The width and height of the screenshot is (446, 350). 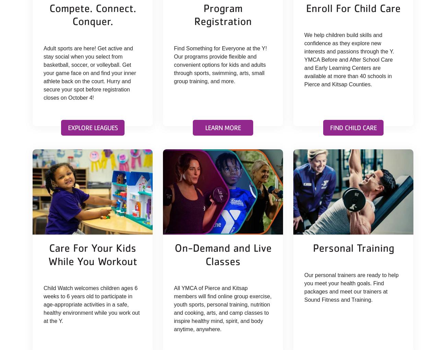 I want to click on 'Find Something for Everyone at the Y! Our programs provide flexible and convenient options for kids and adults through sports, swimming, arts, small group training, and more.', so click(x=174, y=64).